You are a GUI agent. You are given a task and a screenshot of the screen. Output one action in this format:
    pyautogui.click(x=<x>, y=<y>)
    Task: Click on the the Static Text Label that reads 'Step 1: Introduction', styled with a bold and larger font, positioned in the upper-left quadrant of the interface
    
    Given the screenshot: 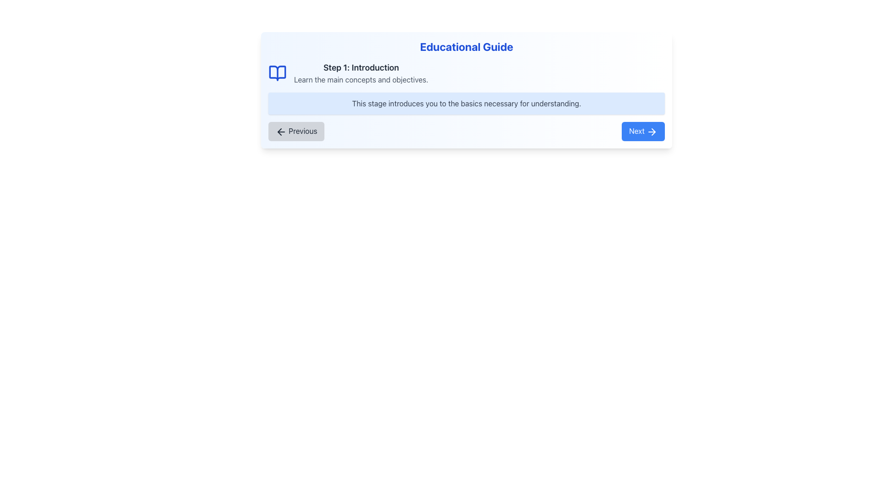 What is the action you would take?
    pyautogui.click(x=361, y=67)
    